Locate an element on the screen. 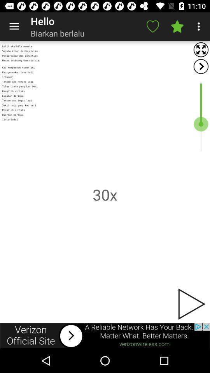 The height and width of the screenshot is (373, 210). forward is located at coordinates (201, 66).